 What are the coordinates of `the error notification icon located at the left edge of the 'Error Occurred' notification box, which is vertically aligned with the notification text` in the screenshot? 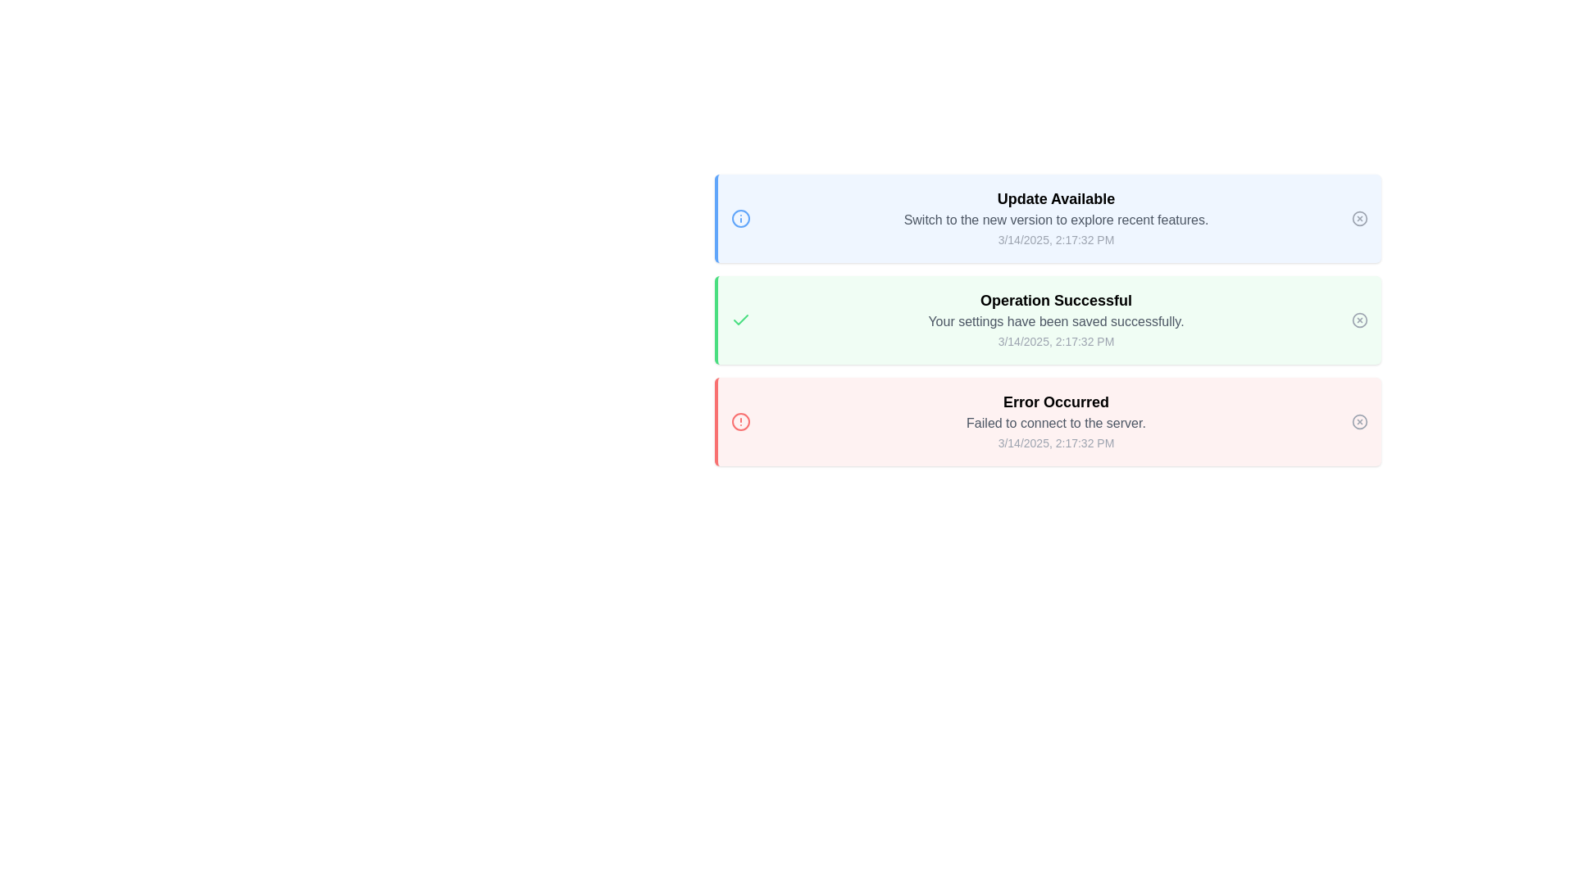 It's located at (739, 421).